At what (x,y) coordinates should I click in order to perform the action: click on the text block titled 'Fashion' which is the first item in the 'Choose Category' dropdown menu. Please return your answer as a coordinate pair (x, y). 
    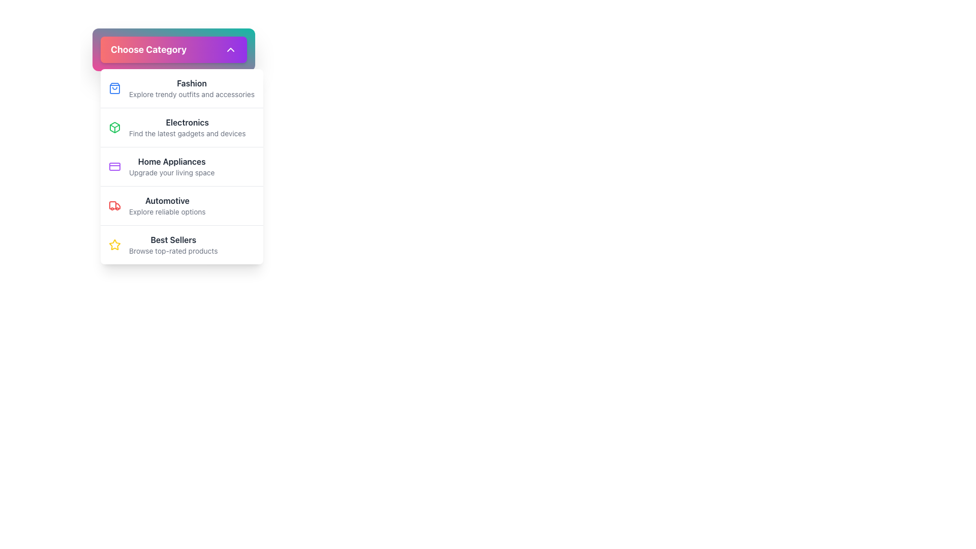
    Looking at the image, I should click on (192, 87).